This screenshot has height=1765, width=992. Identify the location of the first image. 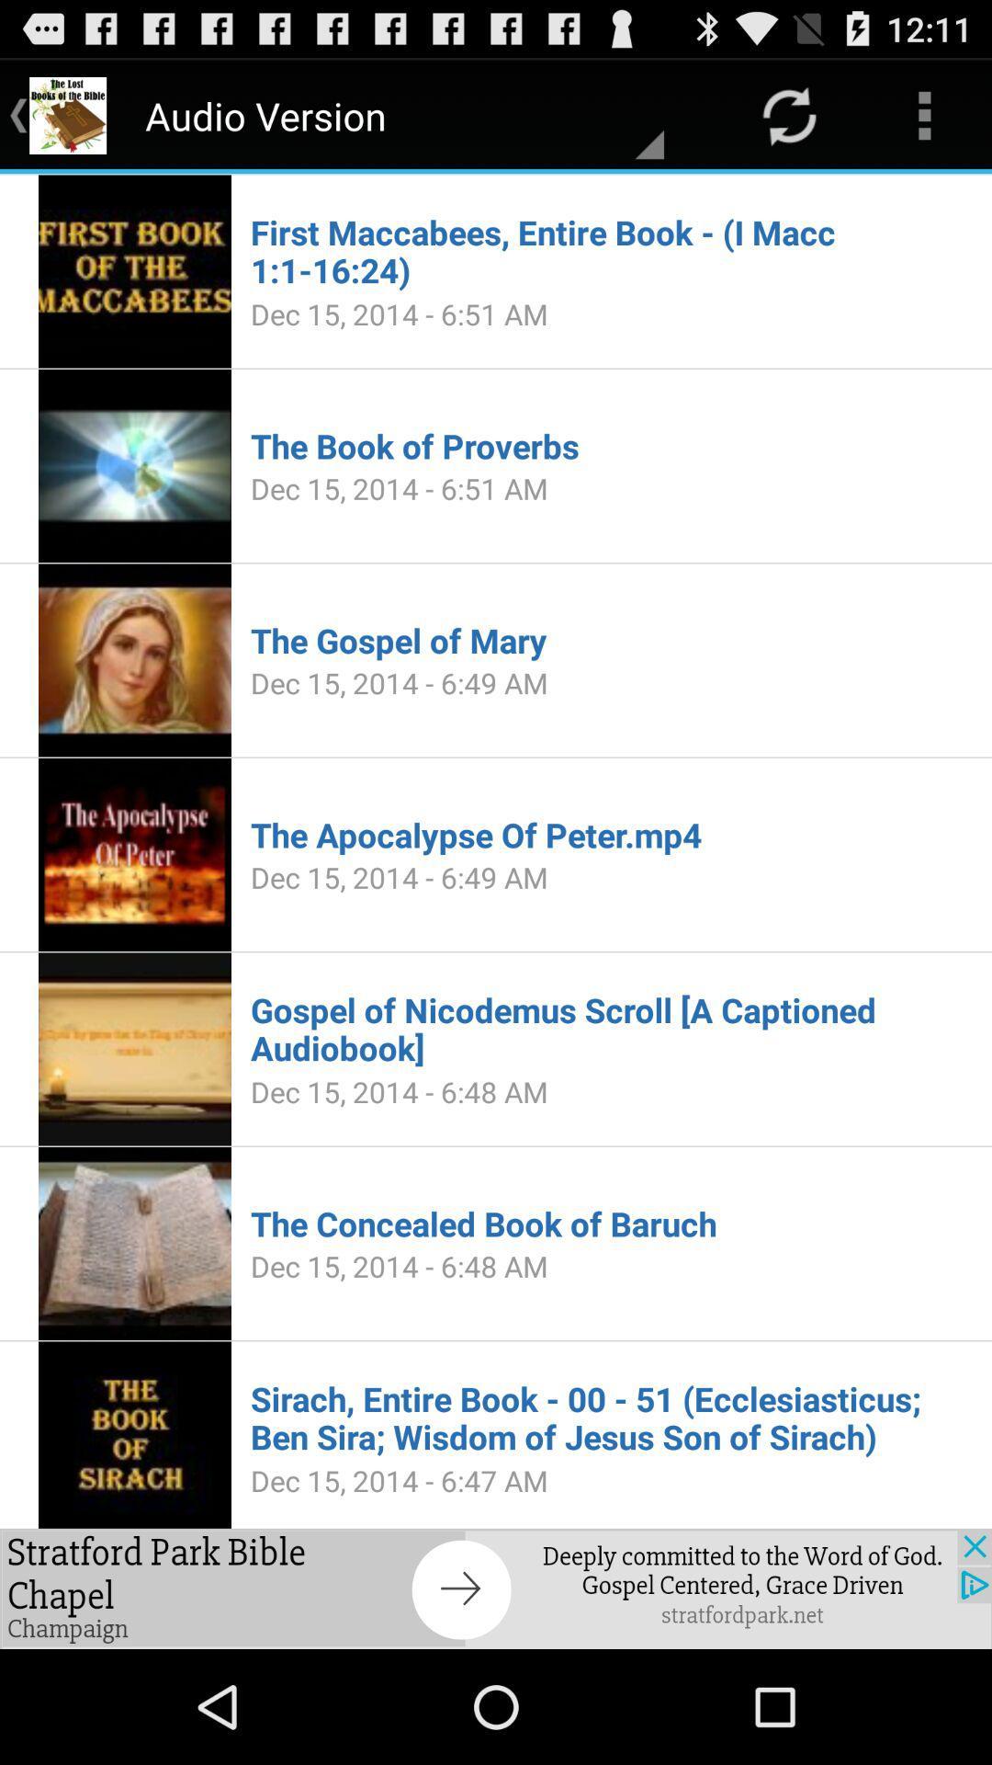
(133, 271).